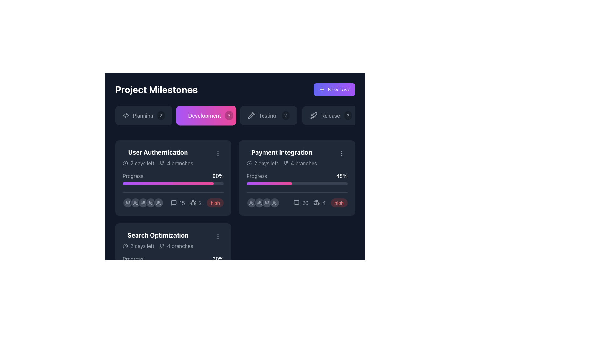 Image resolution: width=611 pixels, height=343 pixels. Describe the element at coordinates (281, 163) in the screenshot. I see `the metadata display with icons and text that shows '2 days left' and '4 branches'` at that location.